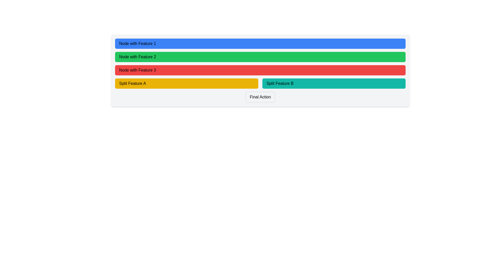  What do you see at coordinates (260, 97) in the screenshot?
I see `the 'Final Action' button, which is a rectangular button with a light gray border and rounded corners, located at the bottom center of the interface` at bounding box center [260, 97].